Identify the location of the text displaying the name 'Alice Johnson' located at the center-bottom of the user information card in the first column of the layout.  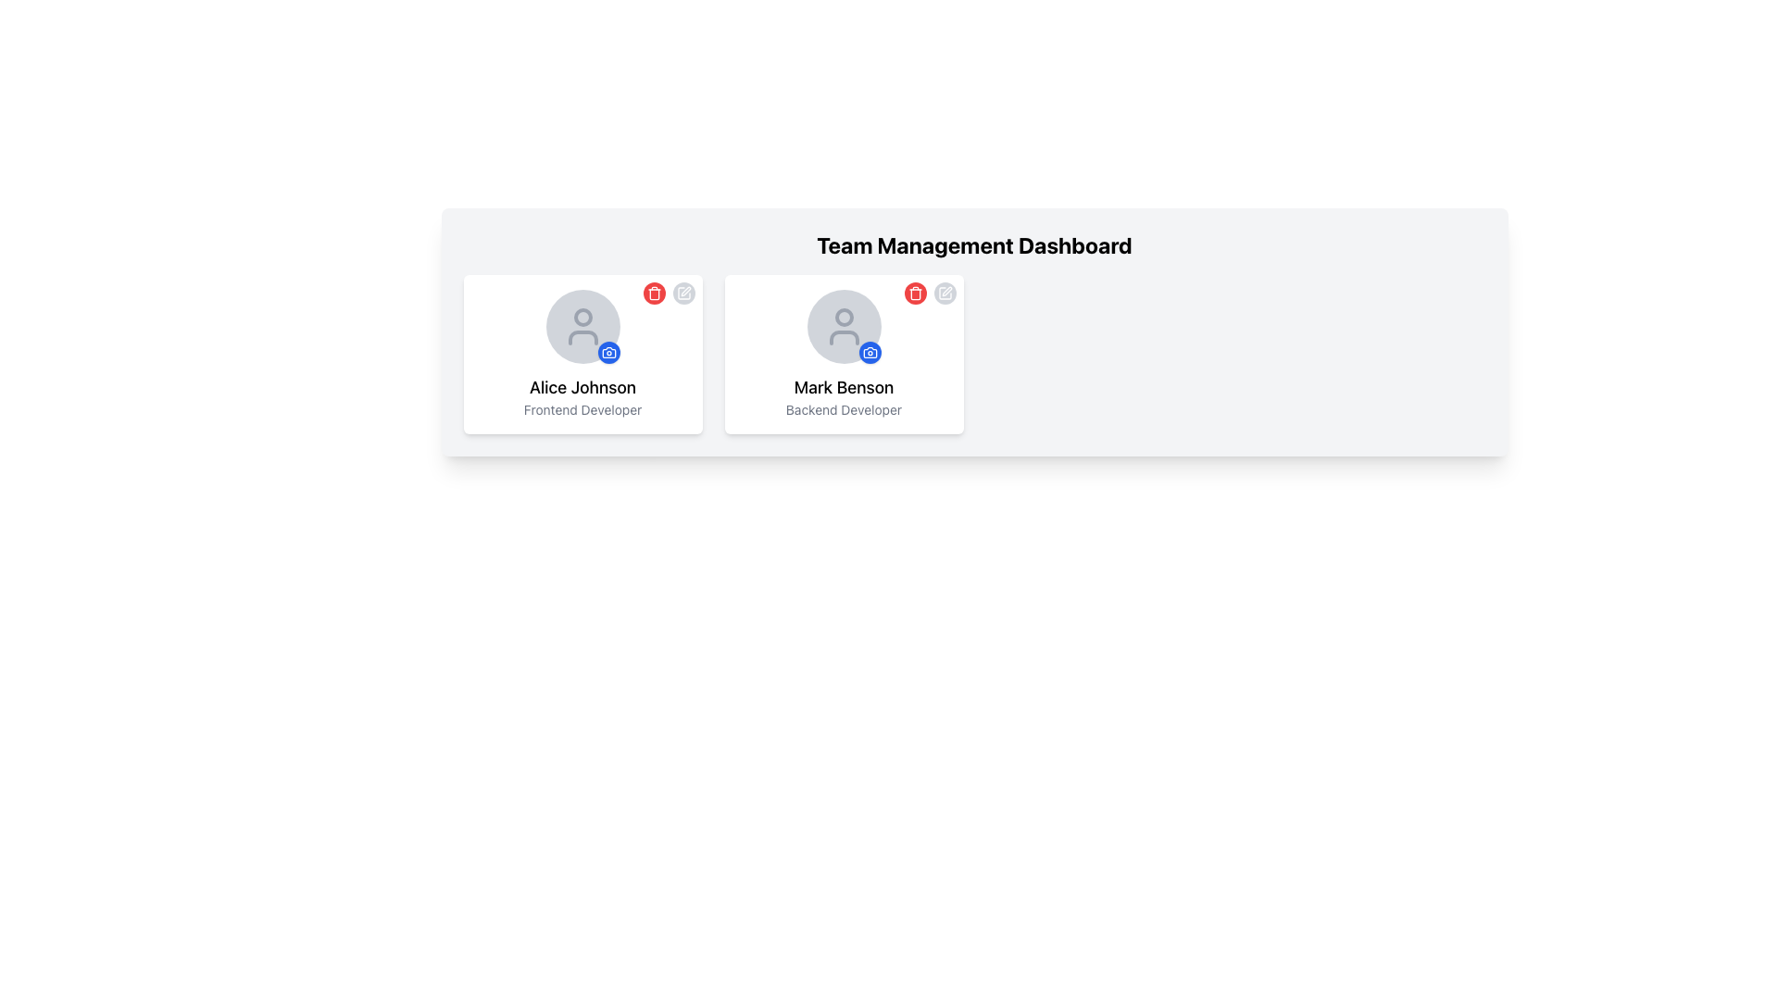
(582, 387).